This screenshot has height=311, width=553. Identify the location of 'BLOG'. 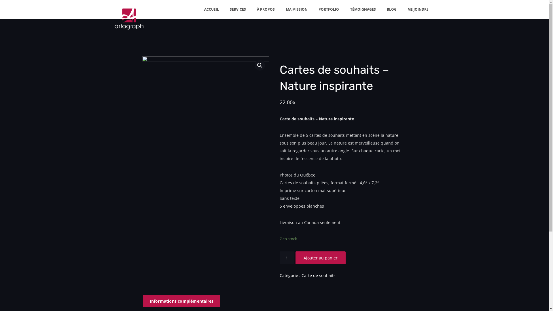
(391, 10).